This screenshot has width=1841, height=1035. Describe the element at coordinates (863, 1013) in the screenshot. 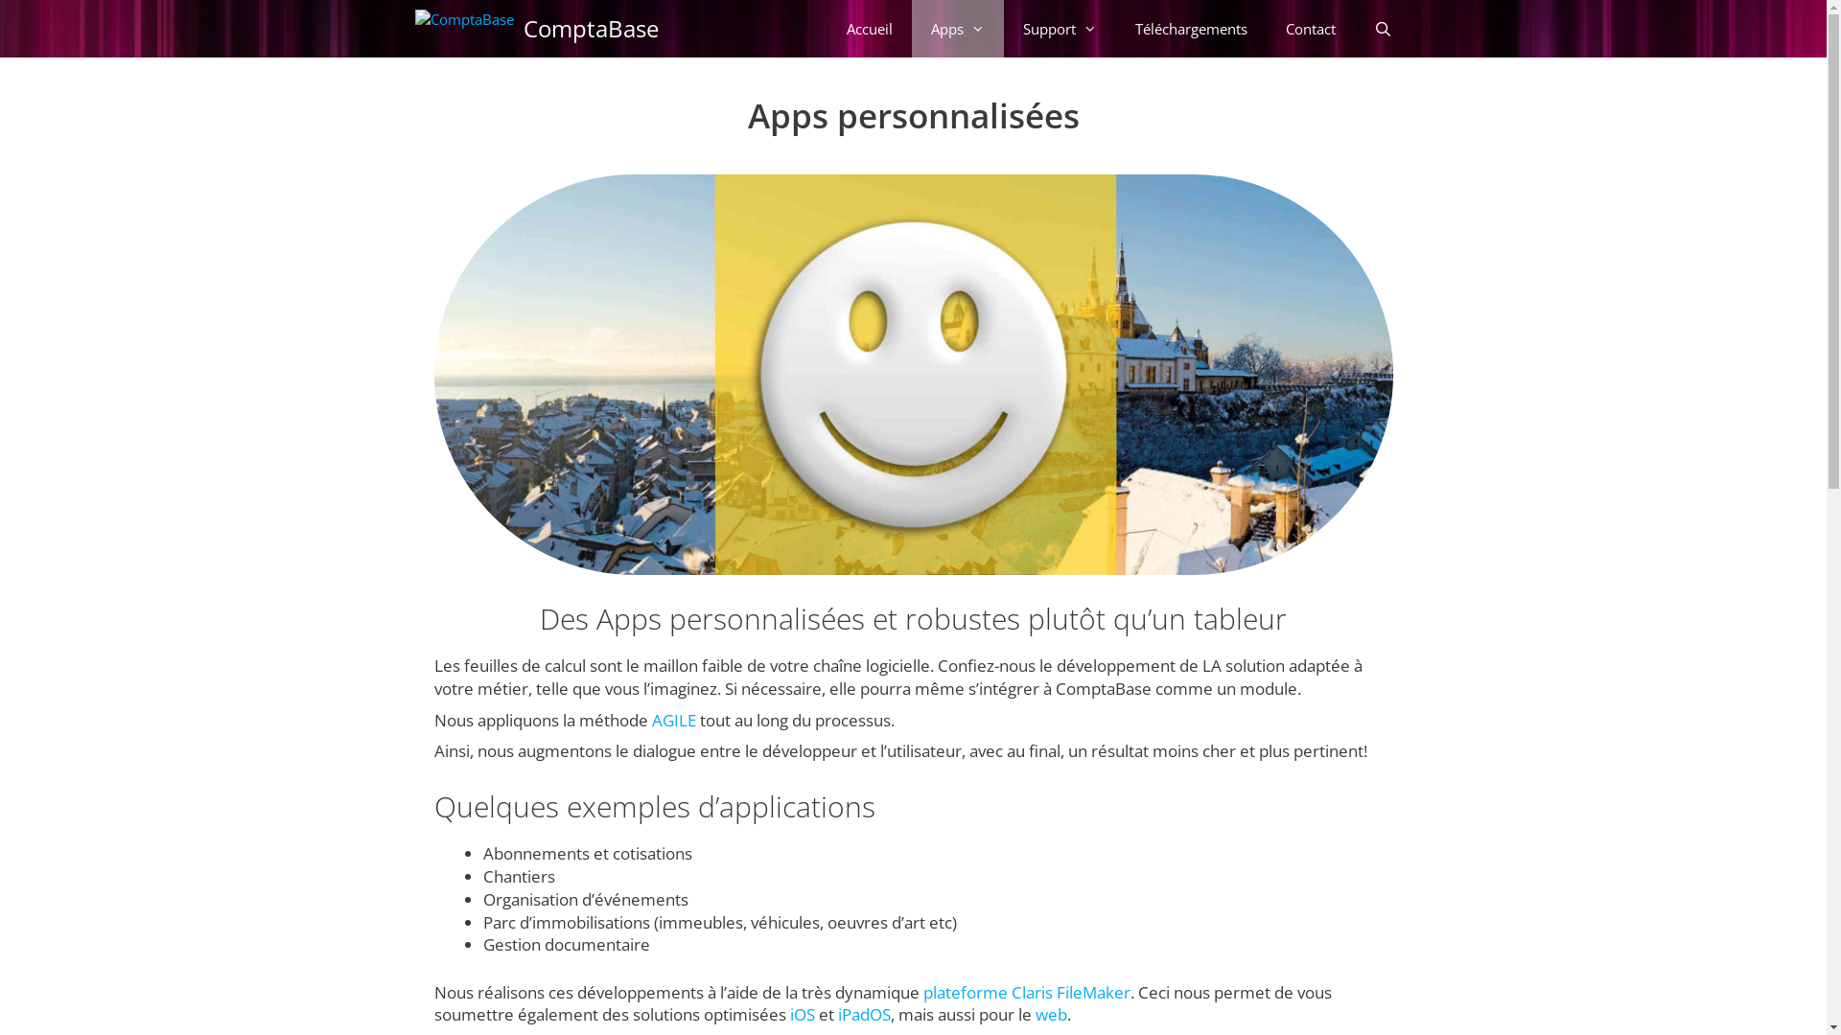

I see `'iPadOS'` at that location.